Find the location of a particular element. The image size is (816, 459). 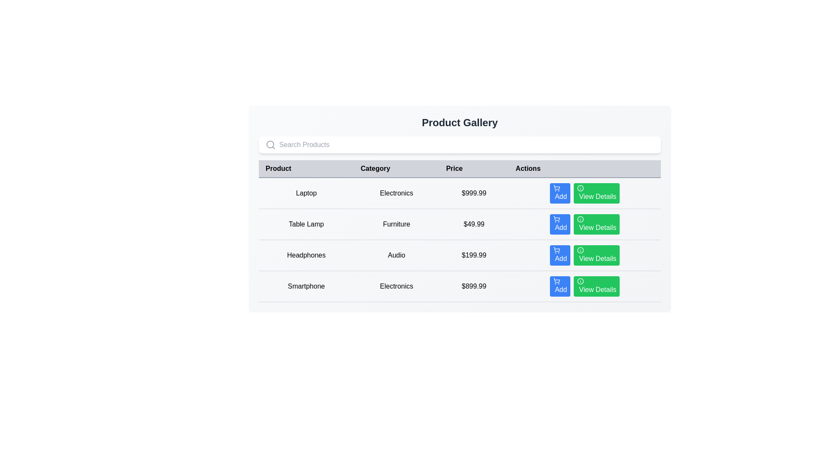

the button located in the third row under the 'Actions' column of the data table is located at coordinates (596, 255).